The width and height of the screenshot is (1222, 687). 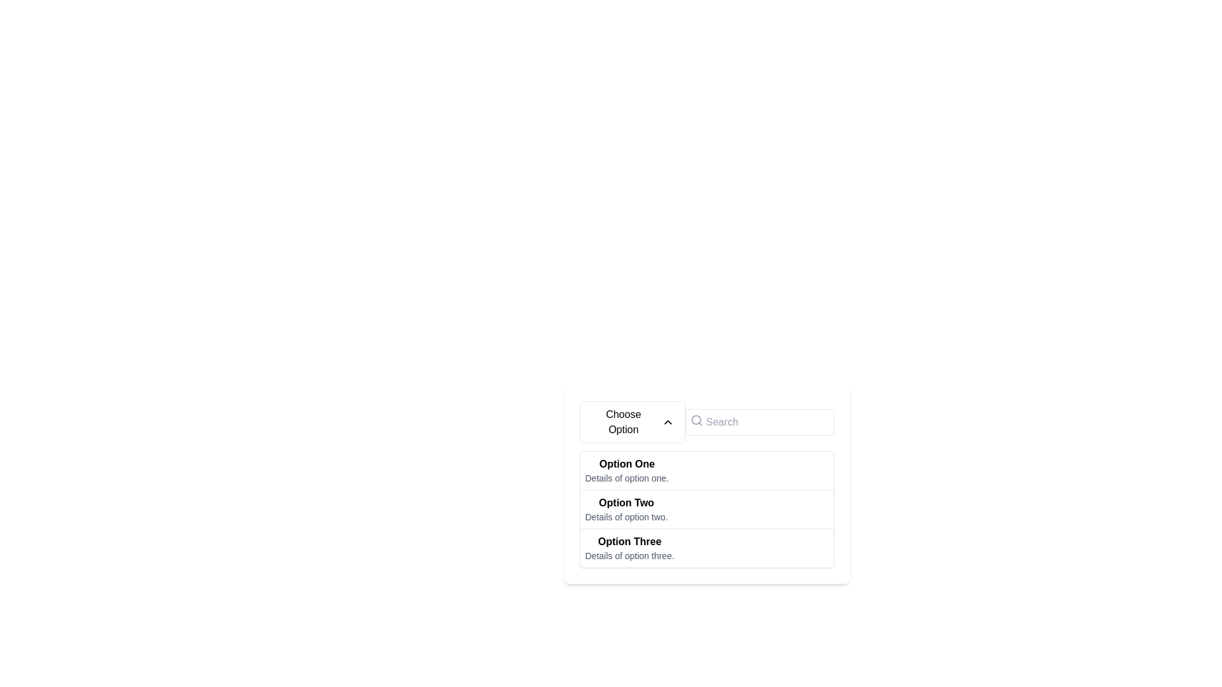 What do you see at coordinates (706, 509) in the screenshot?
I see `the Dropdown menu with selectable options located below the 'Choose Option' button` at bounding box center [706, 509].